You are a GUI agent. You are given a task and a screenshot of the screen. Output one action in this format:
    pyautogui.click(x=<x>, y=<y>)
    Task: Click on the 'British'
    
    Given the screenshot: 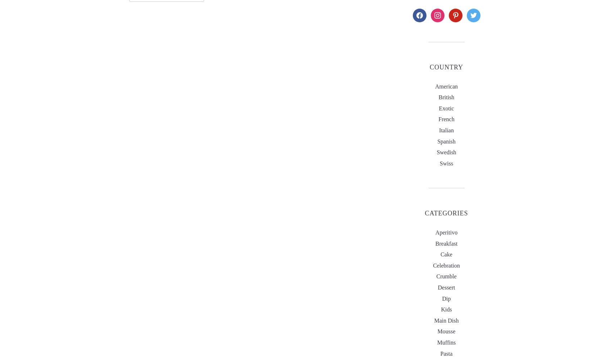 What is the action you would take?
    pyautogui.click(x=438, y=97)
    